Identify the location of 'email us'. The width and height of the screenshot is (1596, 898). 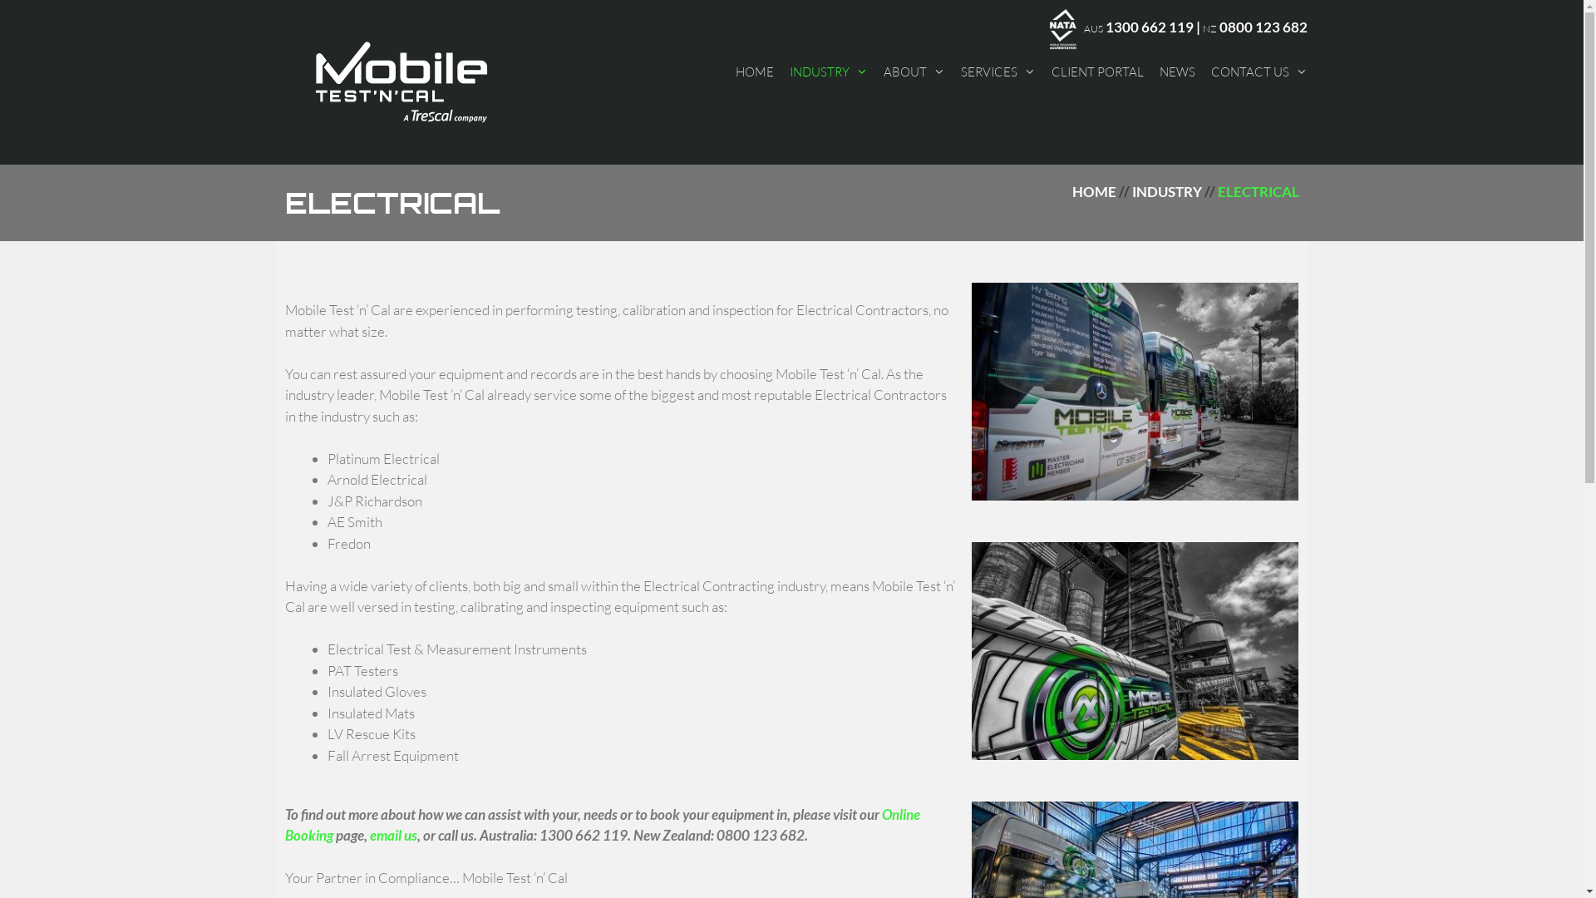
(392, 835).